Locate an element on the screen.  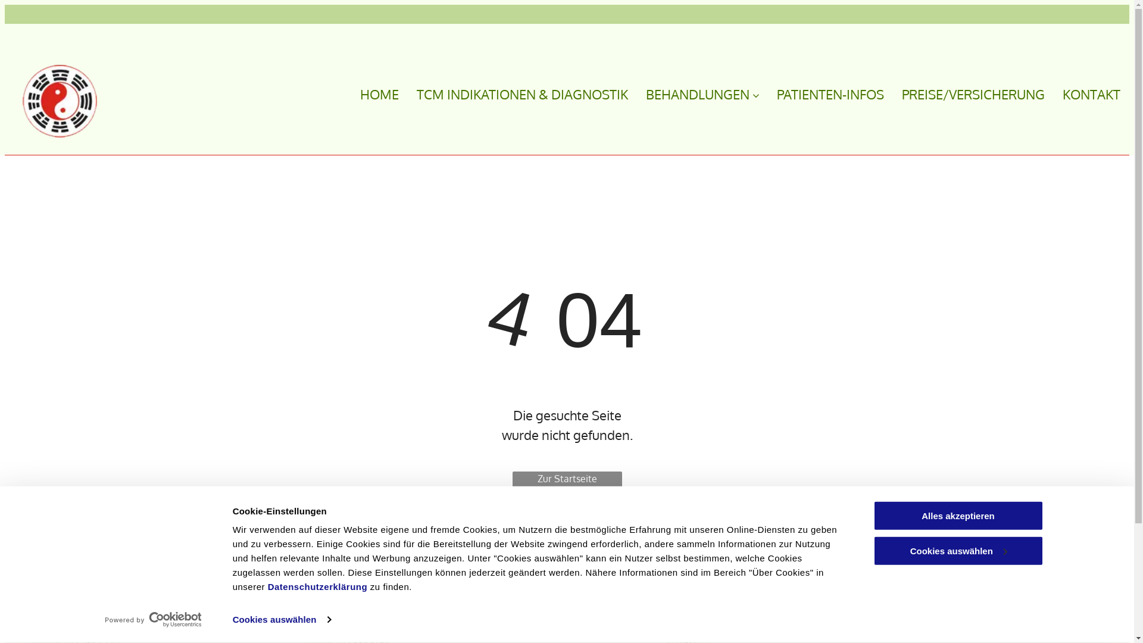
'PREISE/VERSICHERUNG' is located at coordinates (964, 93).